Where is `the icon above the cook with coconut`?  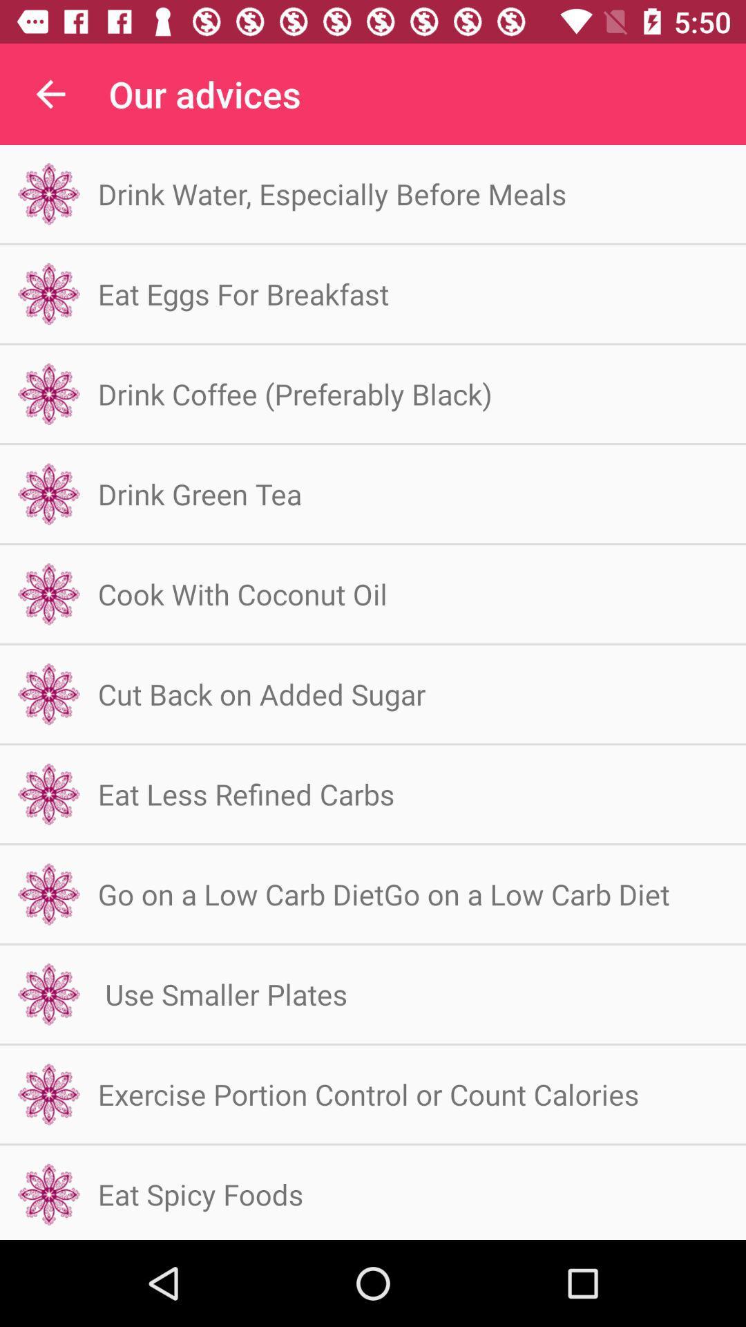 the icon above the cook with coconut is located at coordinates (200, 493).